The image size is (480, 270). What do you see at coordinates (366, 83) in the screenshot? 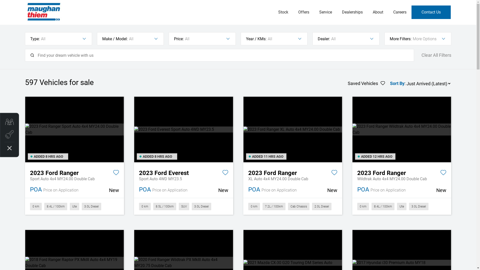
I see `'Saved Vehicles'` at bounding box center [366, 83].